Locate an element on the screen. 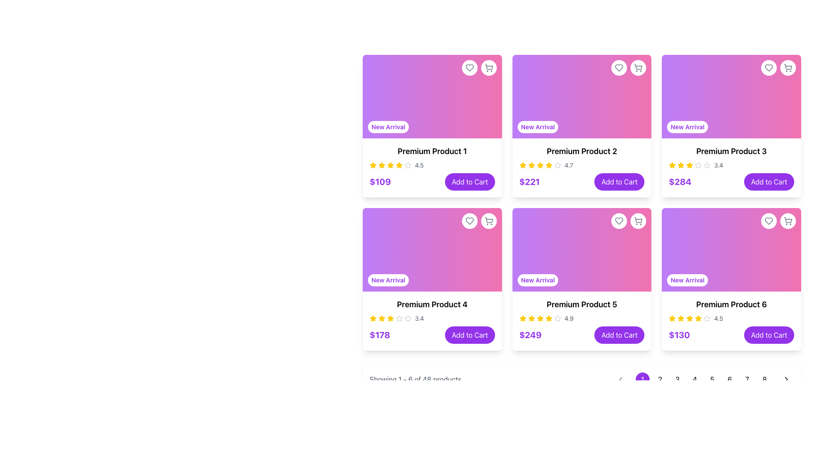 The image size is (836, 470). the right arrow of the pagination control is located at coordinates (582, 379).